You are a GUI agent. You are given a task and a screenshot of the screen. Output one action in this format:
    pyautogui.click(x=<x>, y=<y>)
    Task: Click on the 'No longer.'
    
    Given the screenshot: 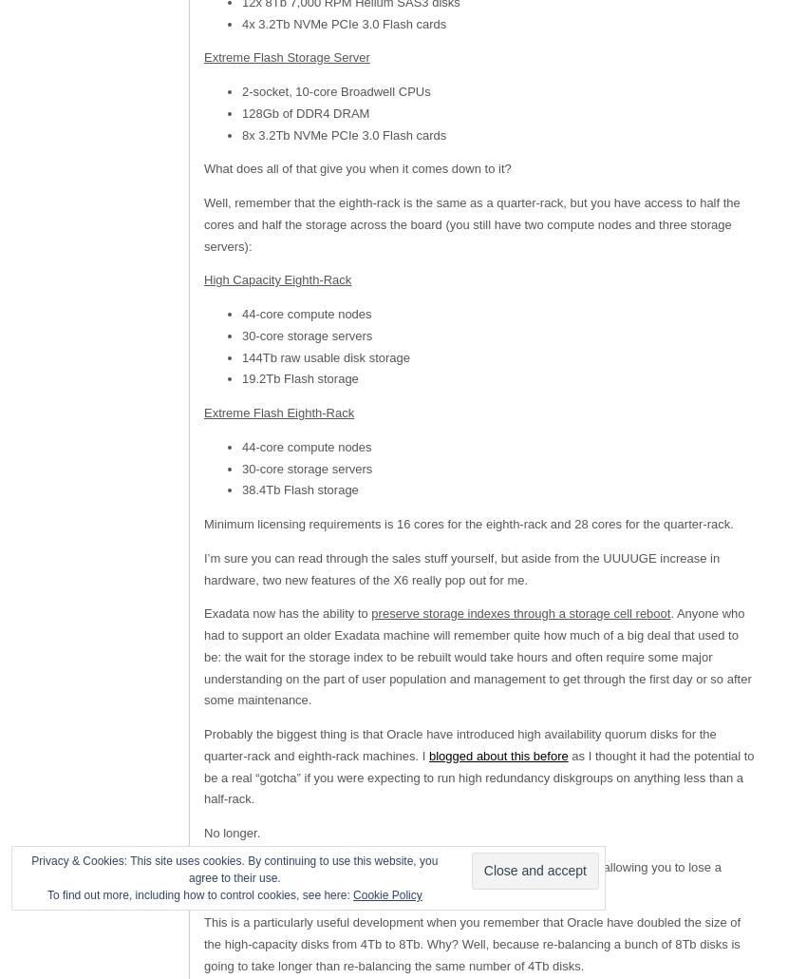 What is the action you would take?
    pyautogui.click(x=231, y=833)
    